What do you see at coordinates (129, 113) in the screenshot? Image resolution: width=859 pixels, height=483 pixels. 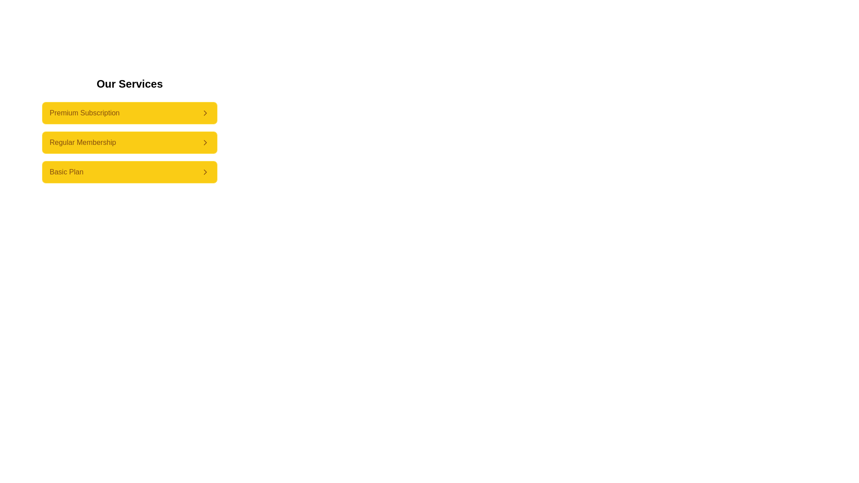 I see `the topmost button in the 'Our Services' section` at bounding box center [129, 113].